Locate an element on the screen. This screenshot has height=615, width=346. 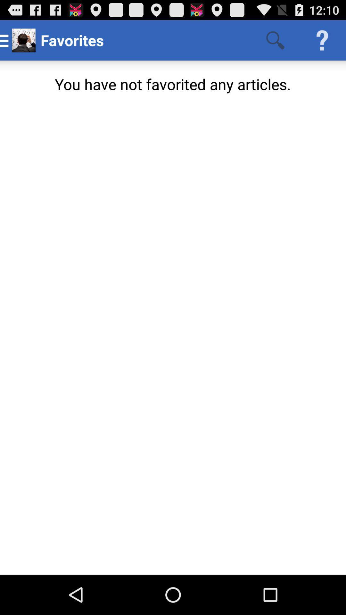
app above the you have not app is located at coordinates (322, 40).